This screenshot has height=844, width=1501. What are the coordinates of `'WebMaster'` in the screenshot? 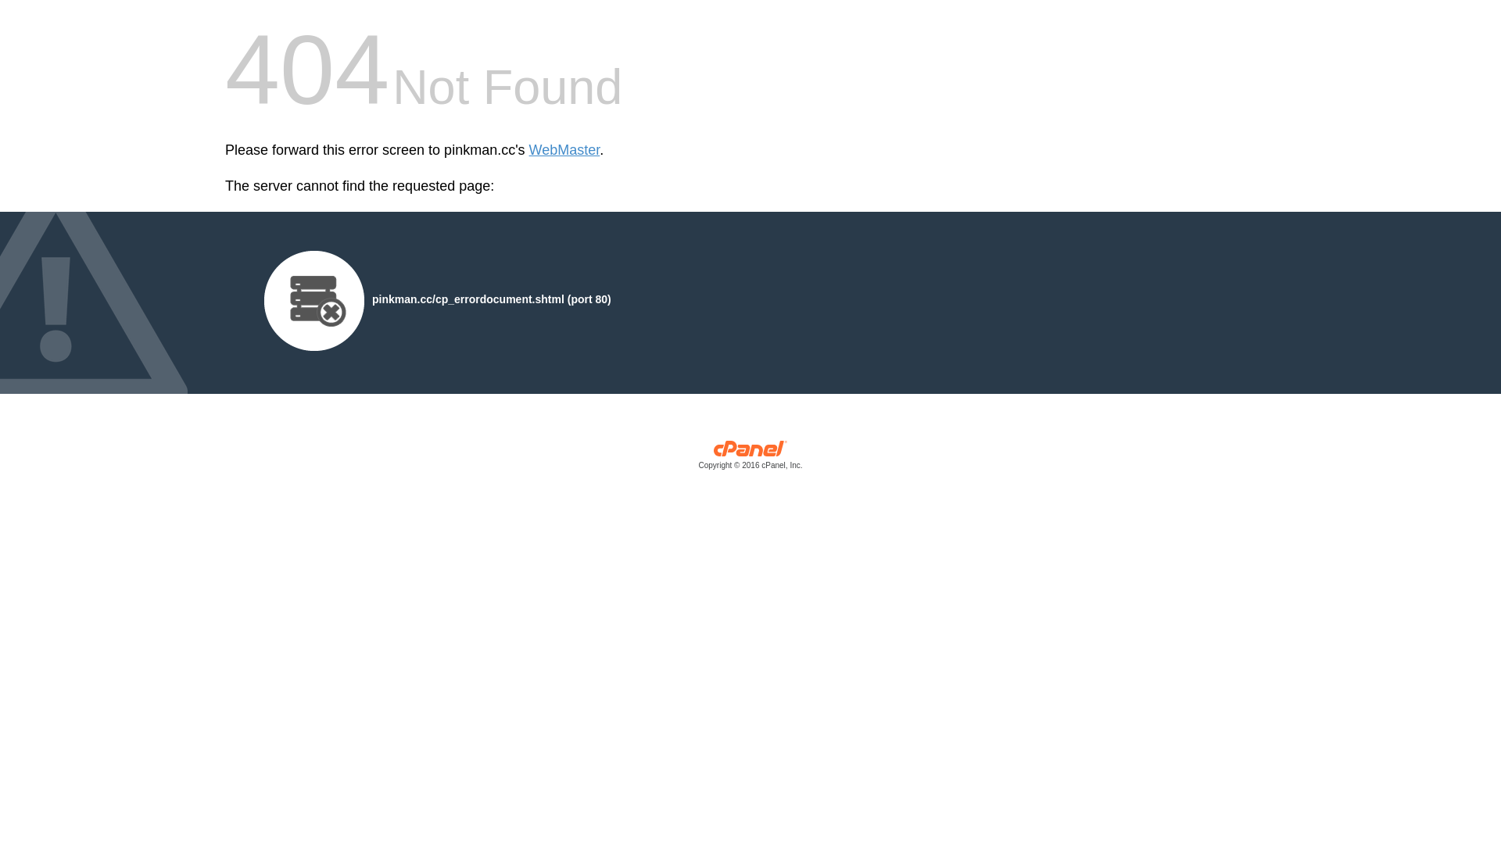 It's located at (528, 150).